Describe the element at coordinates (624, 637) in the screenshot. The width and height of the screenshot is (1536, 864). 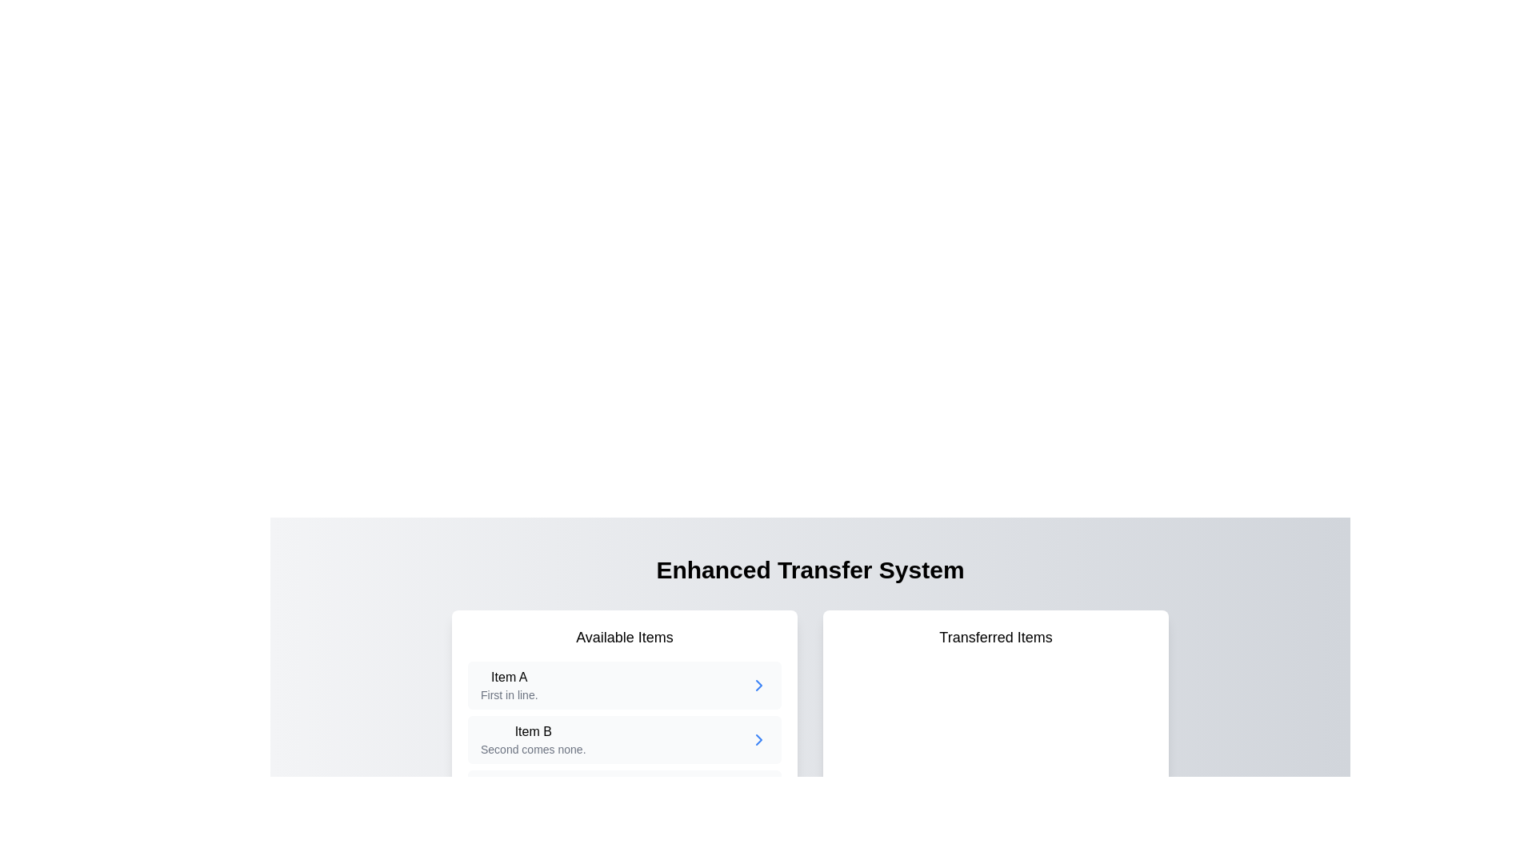
I see `the static text heading that labels the content below as a list of available items, positioned at the top-center of a white rectangular box with rounded corners` at that location.